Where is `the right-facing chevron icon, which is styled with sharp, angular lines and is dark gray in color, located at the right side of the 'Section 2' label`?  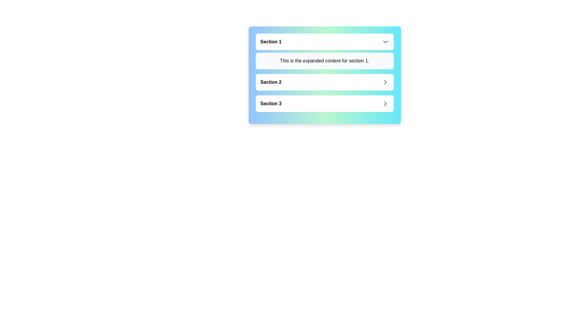 the right-facing chevron icon, which is styled with sharp, angular lines and is dark gray in color, located at the right side of the 'Section 2' label is located at coordinates (385, 82).